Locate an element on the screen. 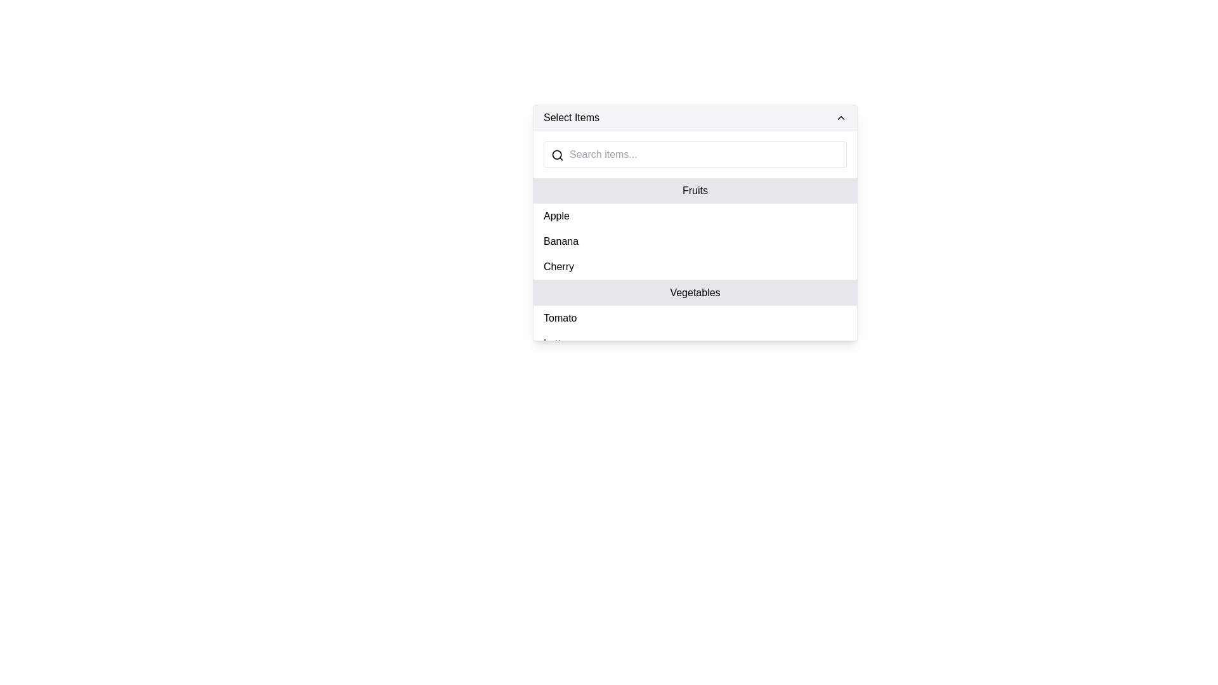 Image resolution: width=1218 pixels, height=685 pixels. the list item labeled 'Banana' by performing a left click on it is located at coordinates (694, 242).